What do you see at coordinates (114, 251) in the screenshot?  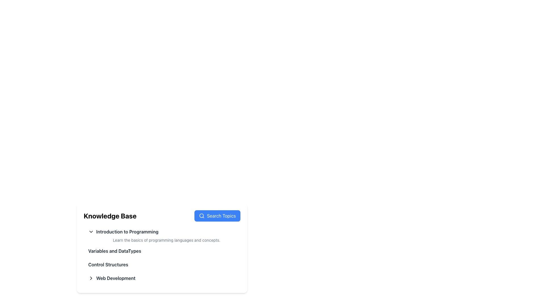 I see `the 'Variables and DataTypes' label in the Navigational List Item` at bounding box center [114, 251].